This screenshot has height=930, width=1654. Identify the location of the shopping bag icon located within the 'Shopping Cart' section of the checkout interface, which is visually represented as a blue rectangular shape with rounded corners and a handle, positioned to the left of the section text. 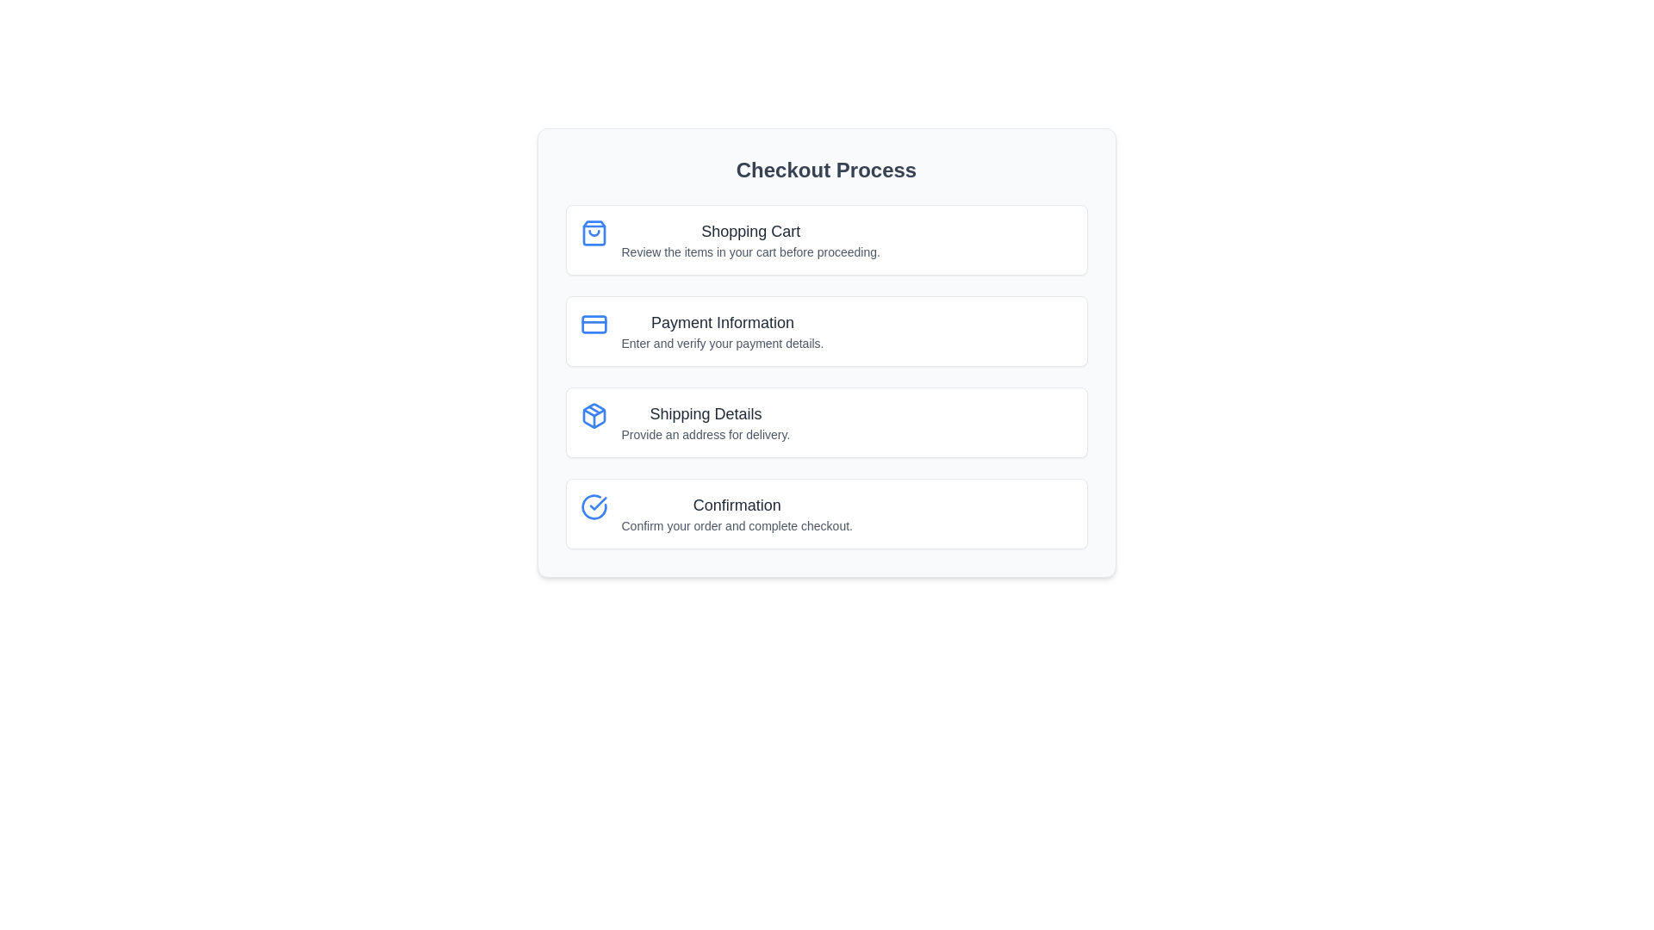
(594, 232).